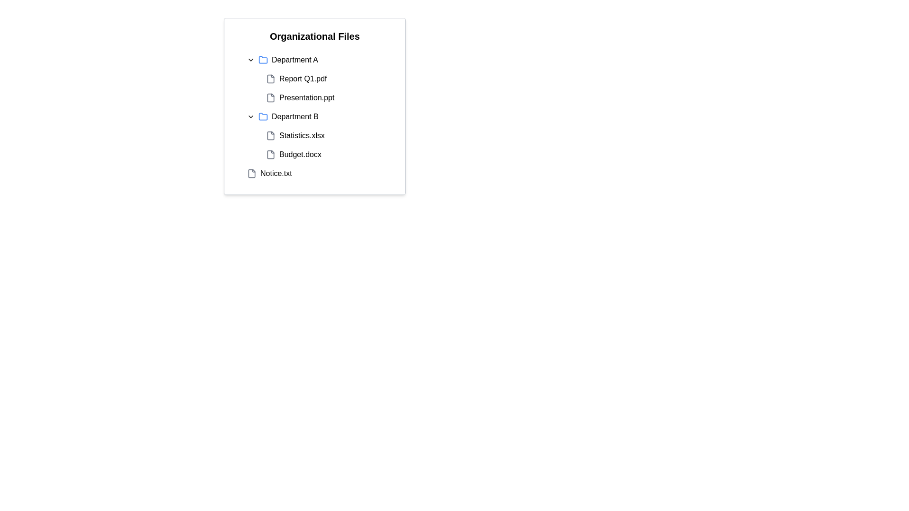 The height and width of the screenshot is (511, 909). Describe the element at coordinates (263, 116) in the screenshot. I see `the blue folder icon representing 'Department B'` at that location.